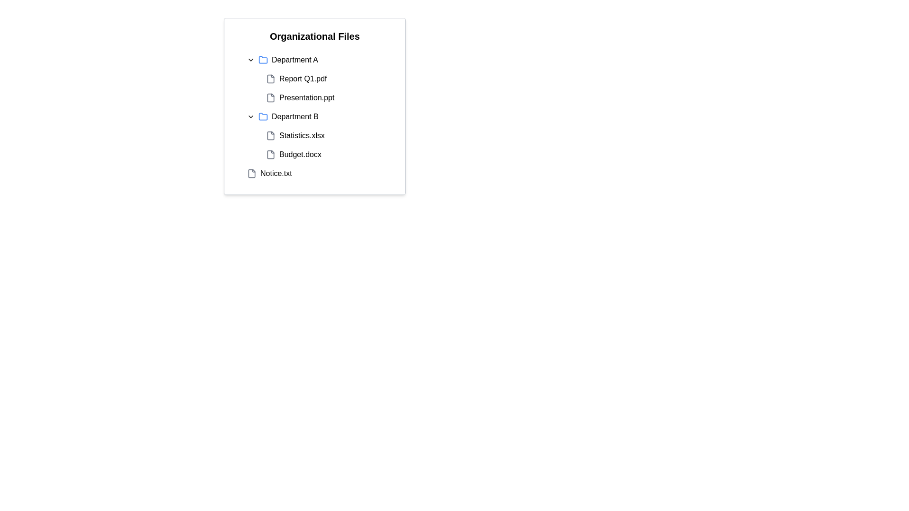 The height and width of the screenshot is (511, 909). Describe the element at coordinates (263, 116) in the screenshot. I see `the blue folder icon representing 'Department B'` at that location.